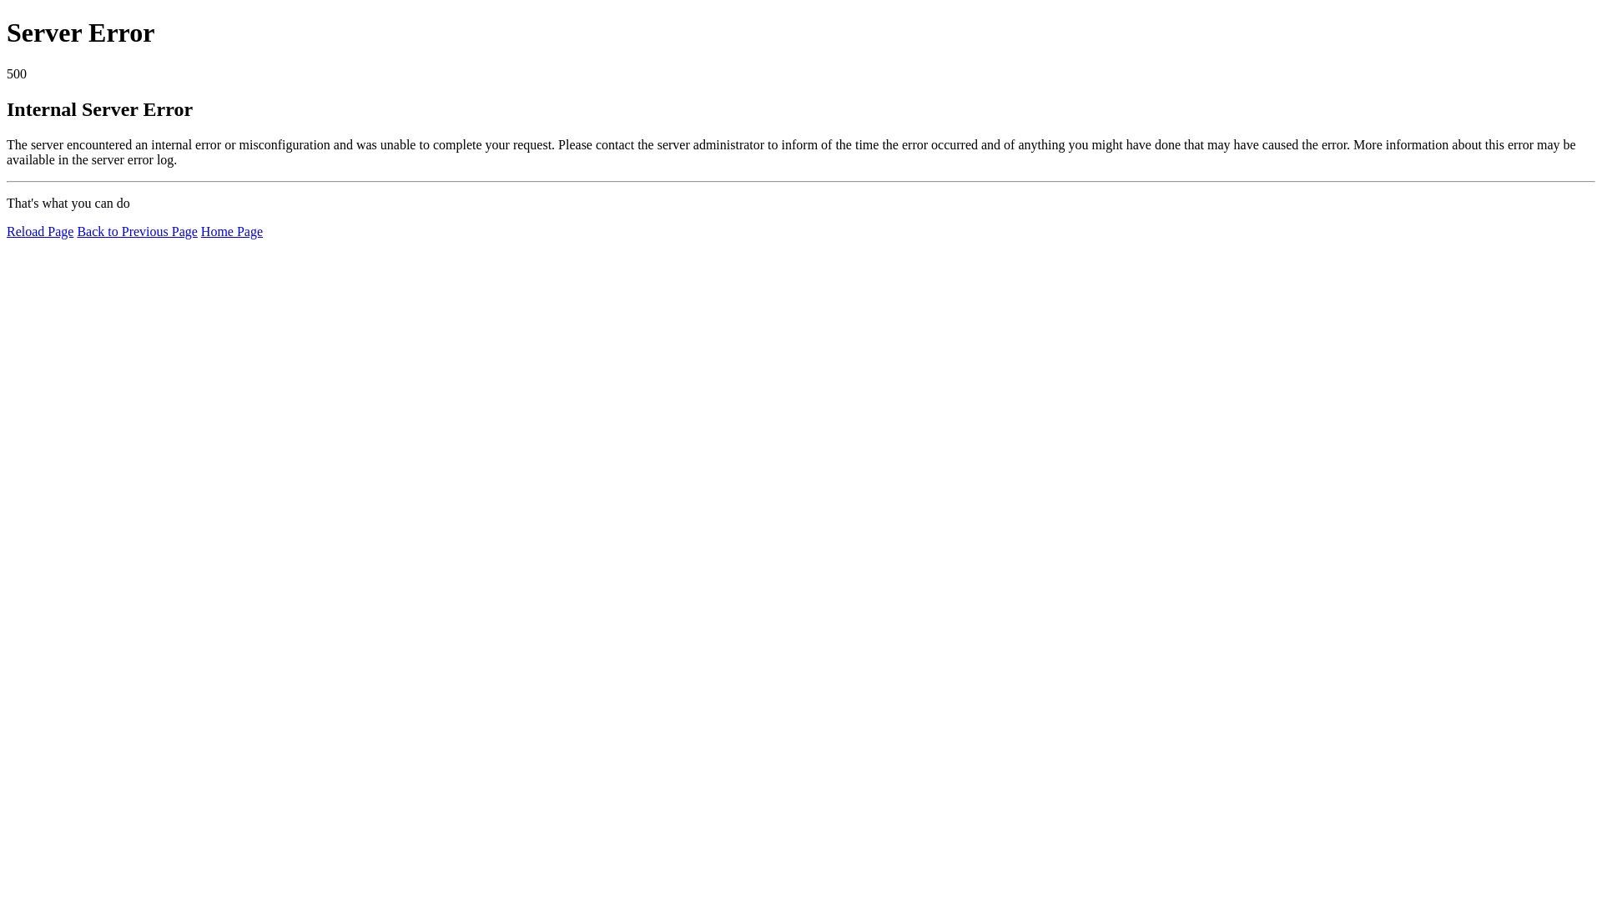  Describe the element at coordinates (231, 231) in the screenshot. I see `'Home Page'` at that location.